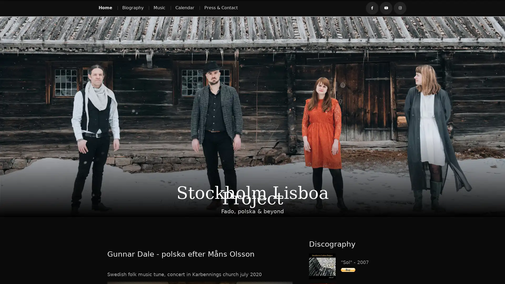 This screenshot has height=284, width=505. Describe the element at coordinates (348, 270) in the screenshot. I see `PayPal buy button` at that location.